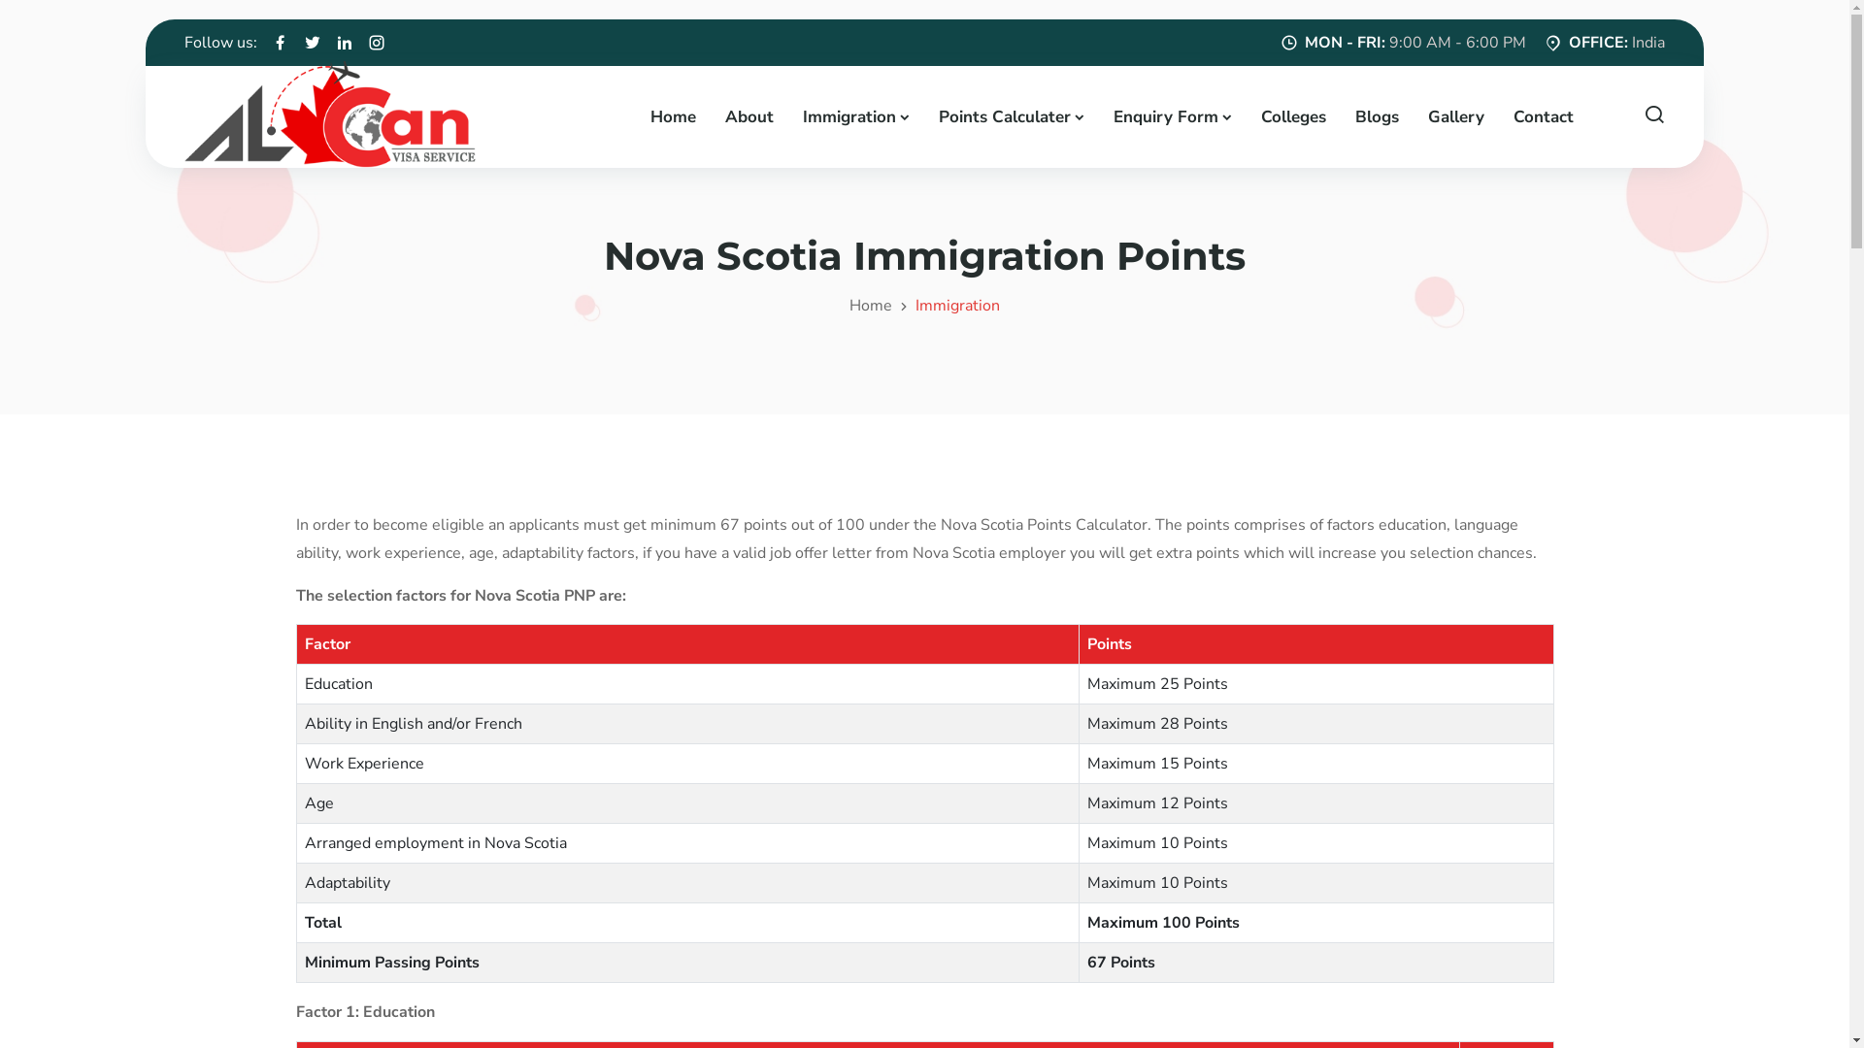  Describe the element at coordinates (1292, 115) in the screenshot. I see `'Colleges'` at that location.